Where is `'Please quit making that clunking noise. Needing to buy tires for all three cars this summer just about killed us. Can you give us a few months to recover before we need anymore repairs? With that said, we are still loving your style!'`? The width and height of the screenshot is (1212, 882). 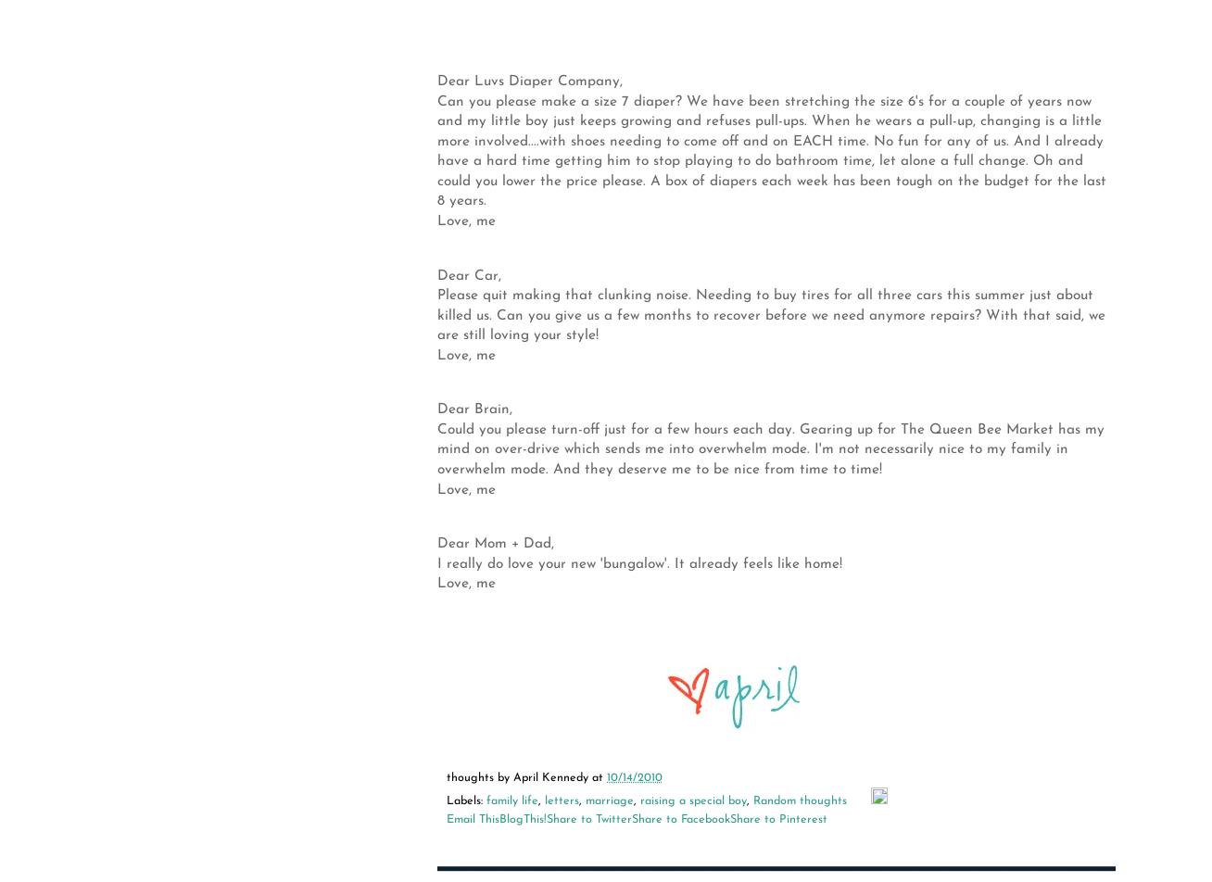
'Please quit making that clunking noise. Needing to buy tires for all three cars this summer just about killed us. Can you give us a few months to recover before we need anymore repairs? With that said, we are still loving your style!' is located at coordinates (771, 315).